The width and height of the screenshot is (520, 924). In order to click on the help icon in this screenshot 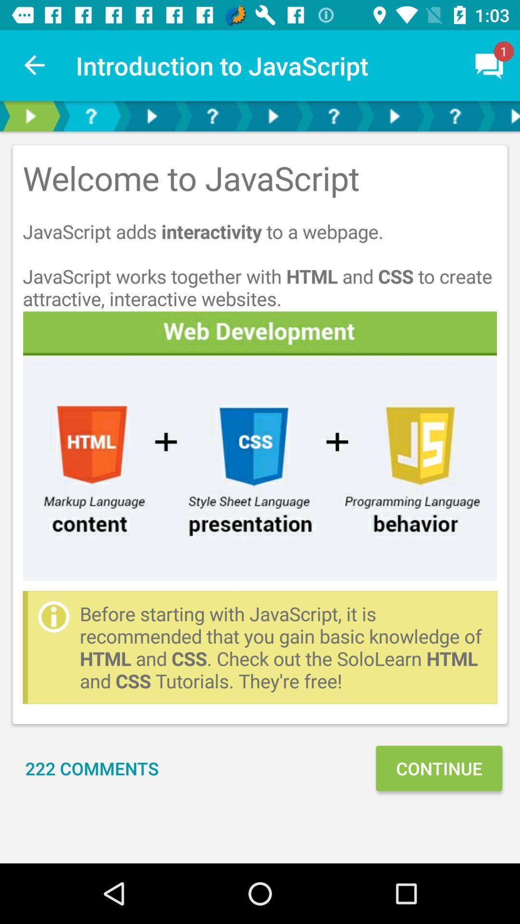, I will do `click(91, 115)`.